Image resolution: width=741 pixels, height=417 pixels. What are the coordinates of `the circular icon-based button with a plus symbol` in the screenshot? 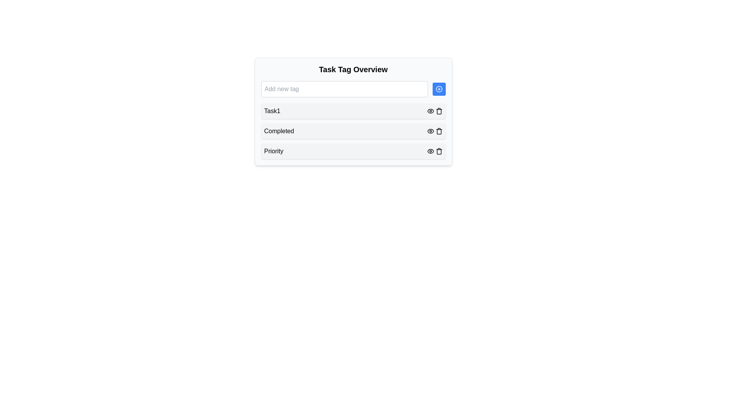 It's located at (439, 89).